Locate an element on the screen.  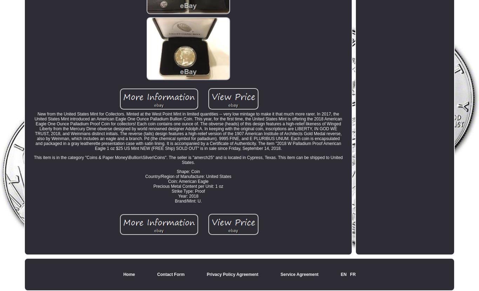
'This item is in the category "Coins & Paper Money\Bullion\Silver\Coins". The seller is "amerch25" and is located in Cypress, Texas. This item can be shipped to United States.' is located at coordinates (188, 160).